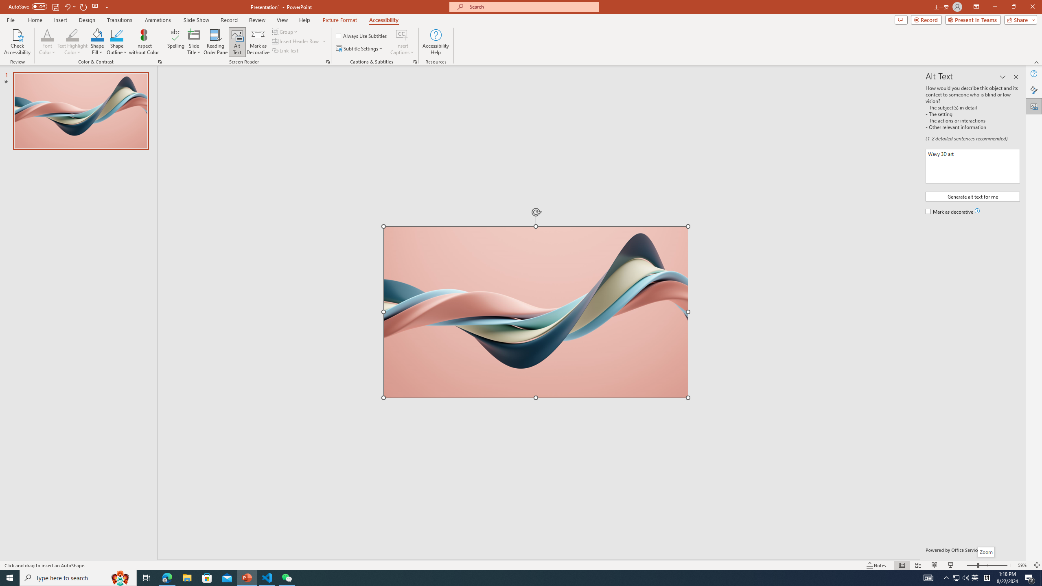 Image resolution: width=1042 pixels, height=586 pixels. Describe the element at coordinates (144, 42) in the screenshot. I see `'Inspect without Color'` at that location.